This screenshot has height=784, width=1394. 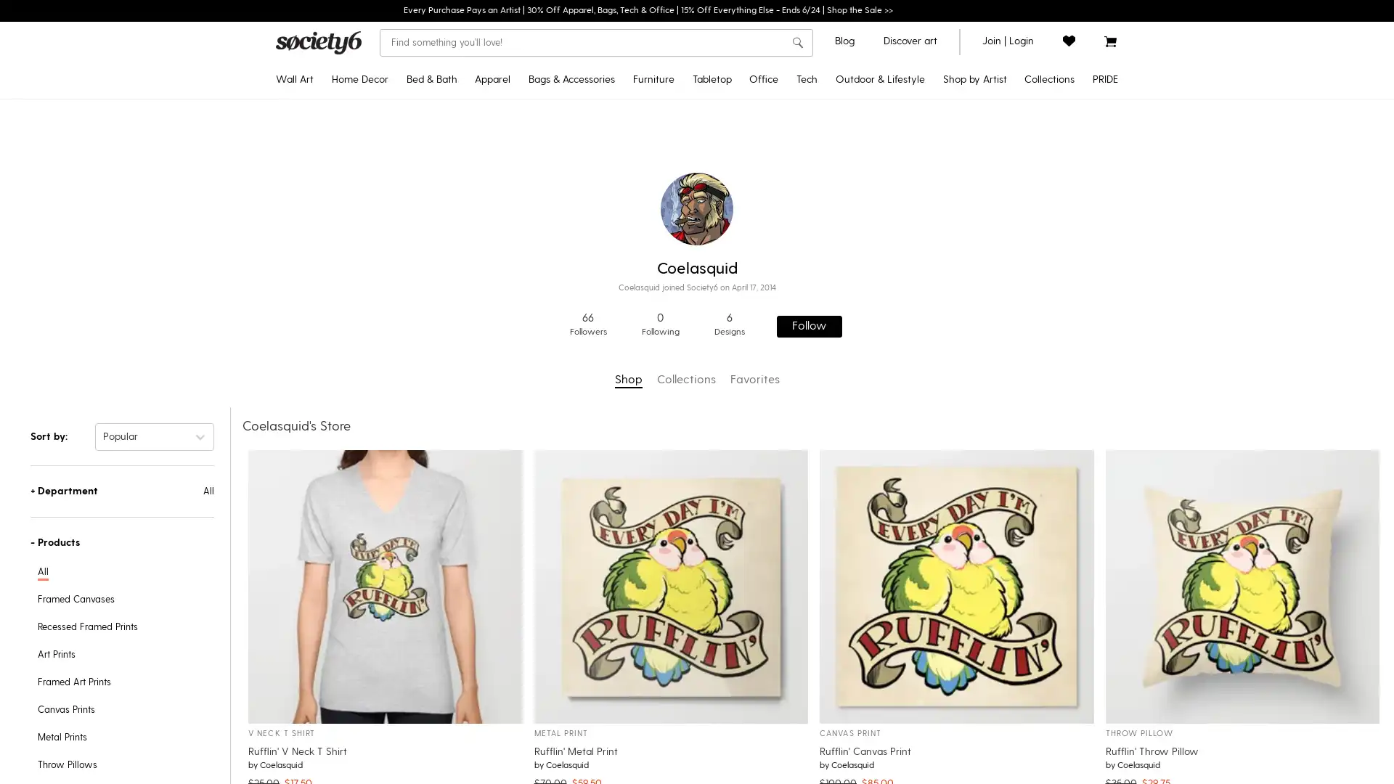 What do you see at coordinates (582, 256) in the screenshot?
I see `Makeup Bags` at bounding box center [582, 256].